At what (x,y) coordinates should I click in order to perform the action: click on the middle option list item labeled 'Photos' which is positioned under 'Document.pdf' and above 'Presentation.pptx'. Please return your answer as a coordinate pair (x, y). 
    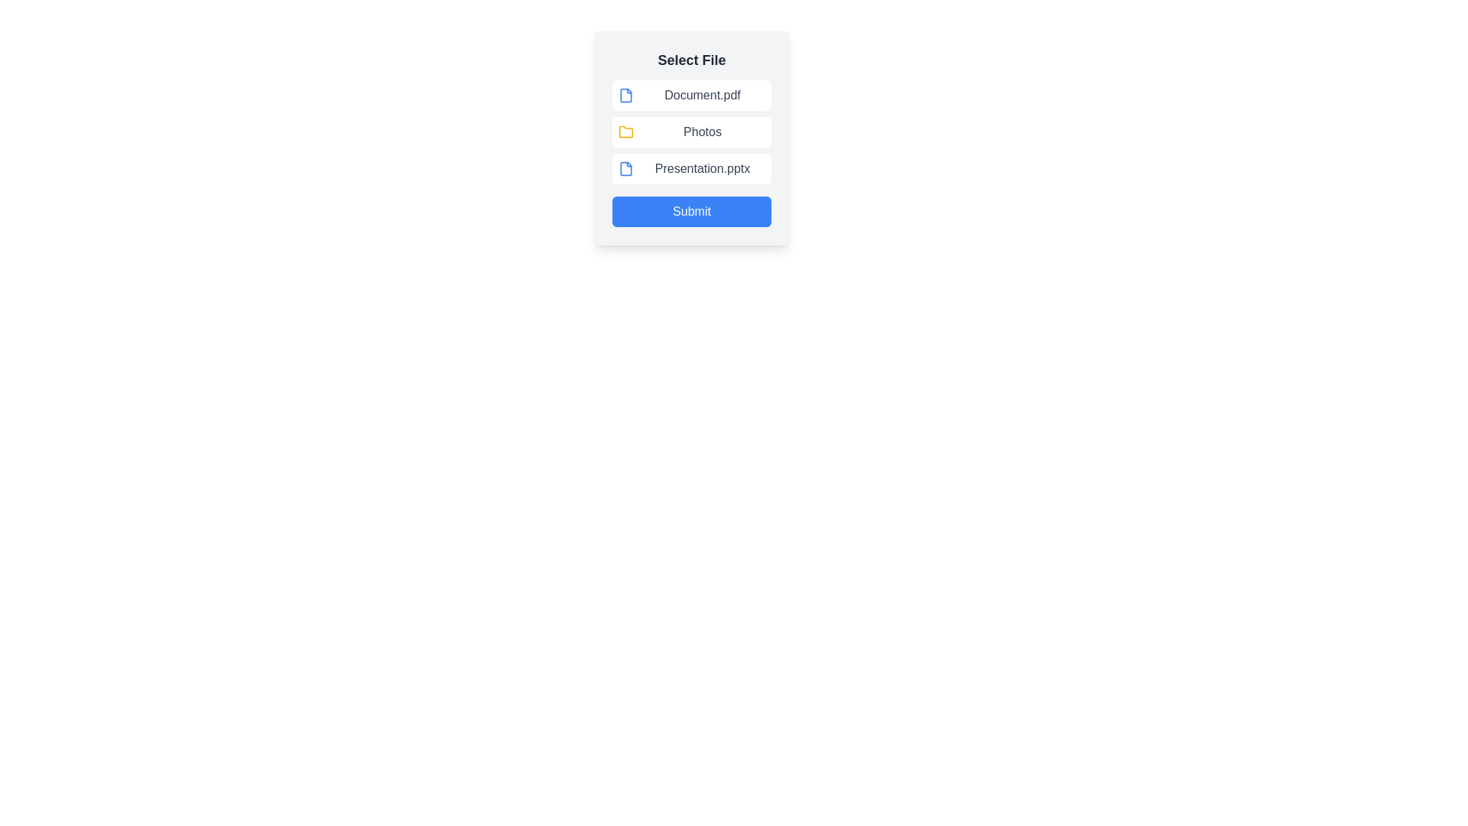
    Looking at the image, I should click on (691, 138).